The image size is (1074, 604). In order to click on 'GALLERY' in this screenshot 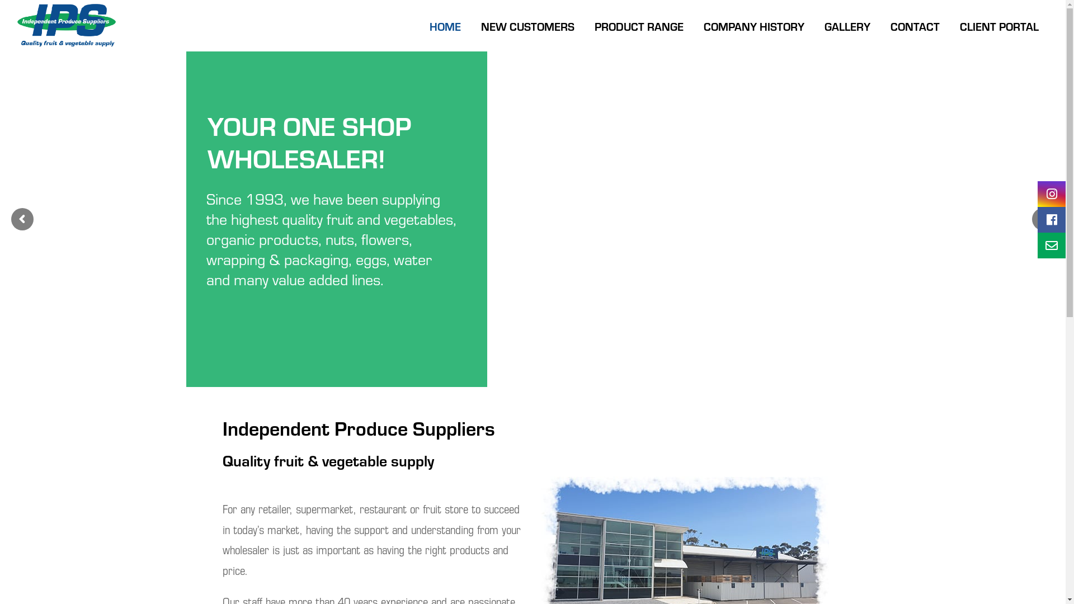, I will do `click(814, 25)`.